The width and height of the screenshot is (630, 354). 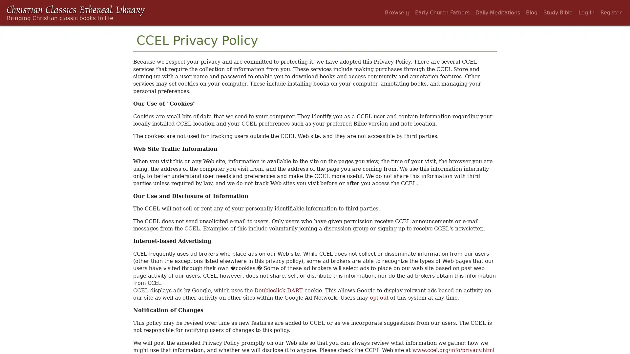 I want to click on Study Bible, so click(x=557, y=12).